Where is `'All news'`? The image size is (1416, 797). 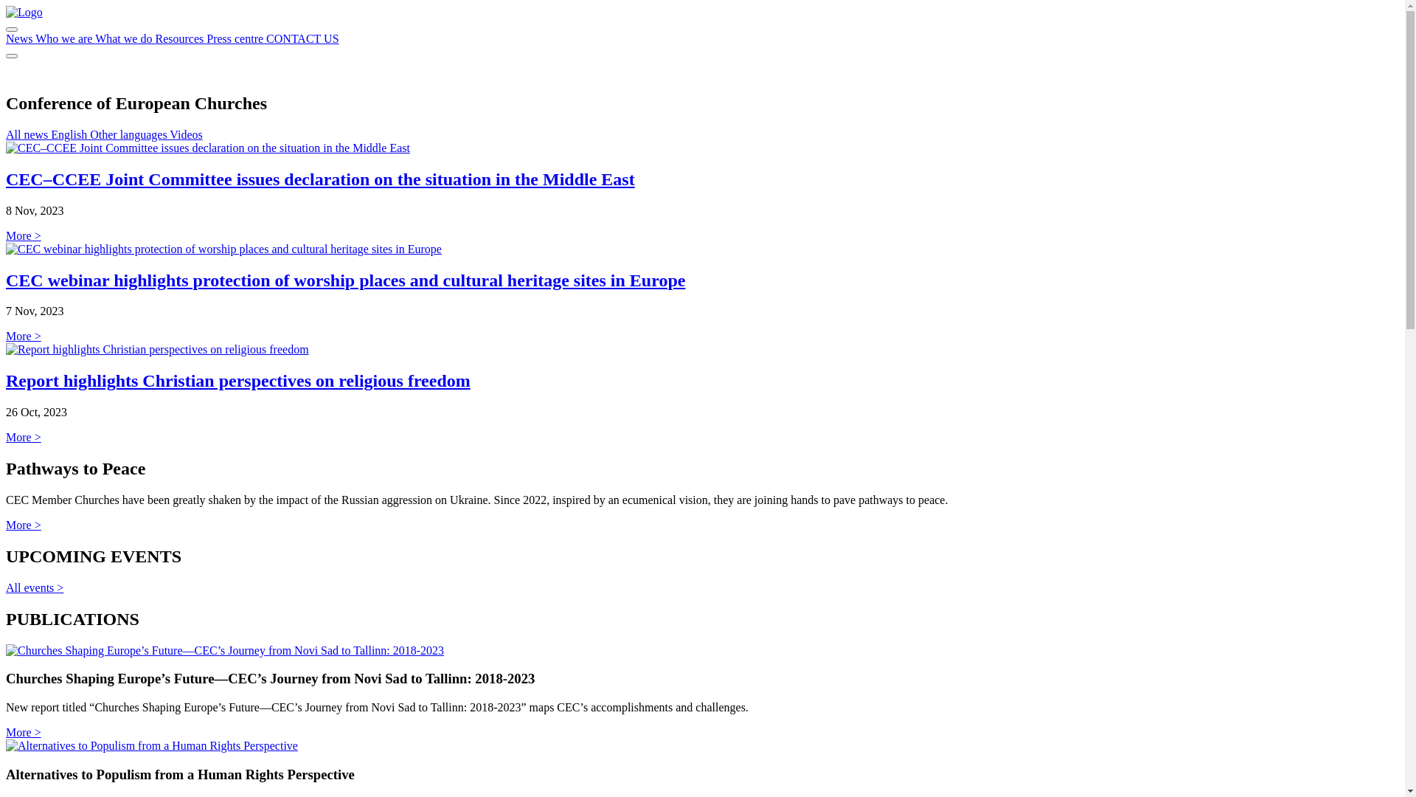
'All news' is located at coordinates (6, 134).